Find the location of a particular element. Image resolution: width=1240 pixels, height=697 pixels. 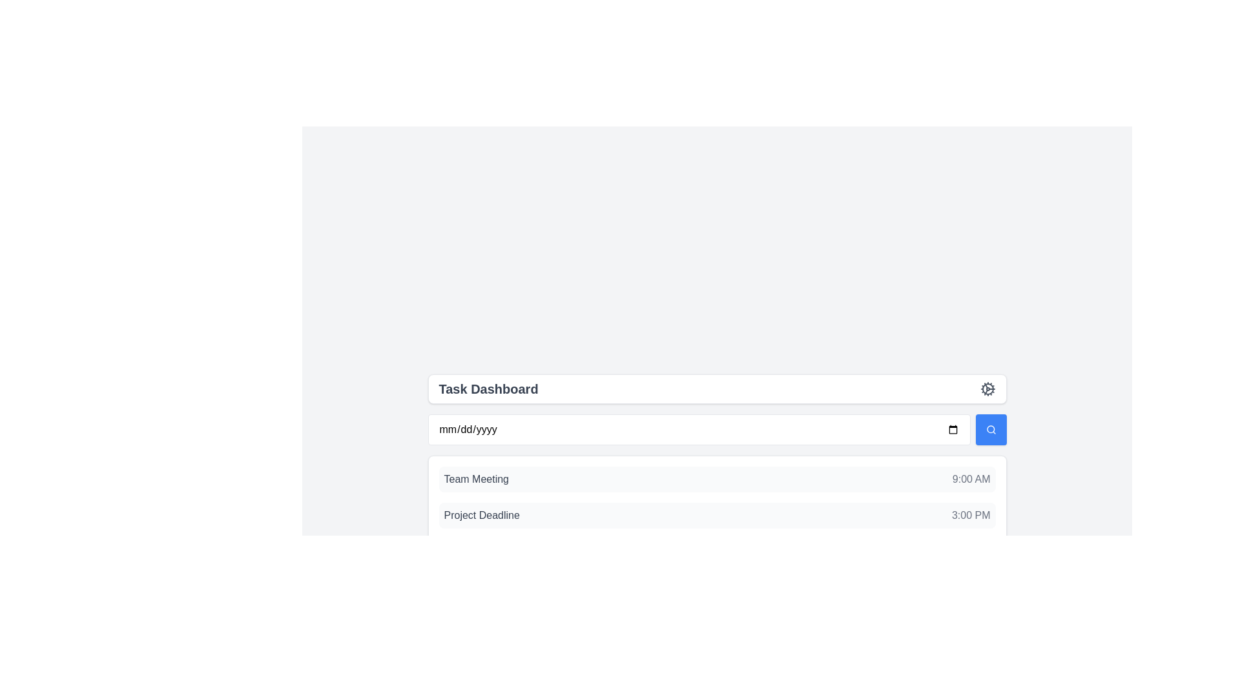

the List item displaying 'Project Deadline' and '3:00 PM', which is the second item in the Task Dashboard is located at coordinates (716, 514).